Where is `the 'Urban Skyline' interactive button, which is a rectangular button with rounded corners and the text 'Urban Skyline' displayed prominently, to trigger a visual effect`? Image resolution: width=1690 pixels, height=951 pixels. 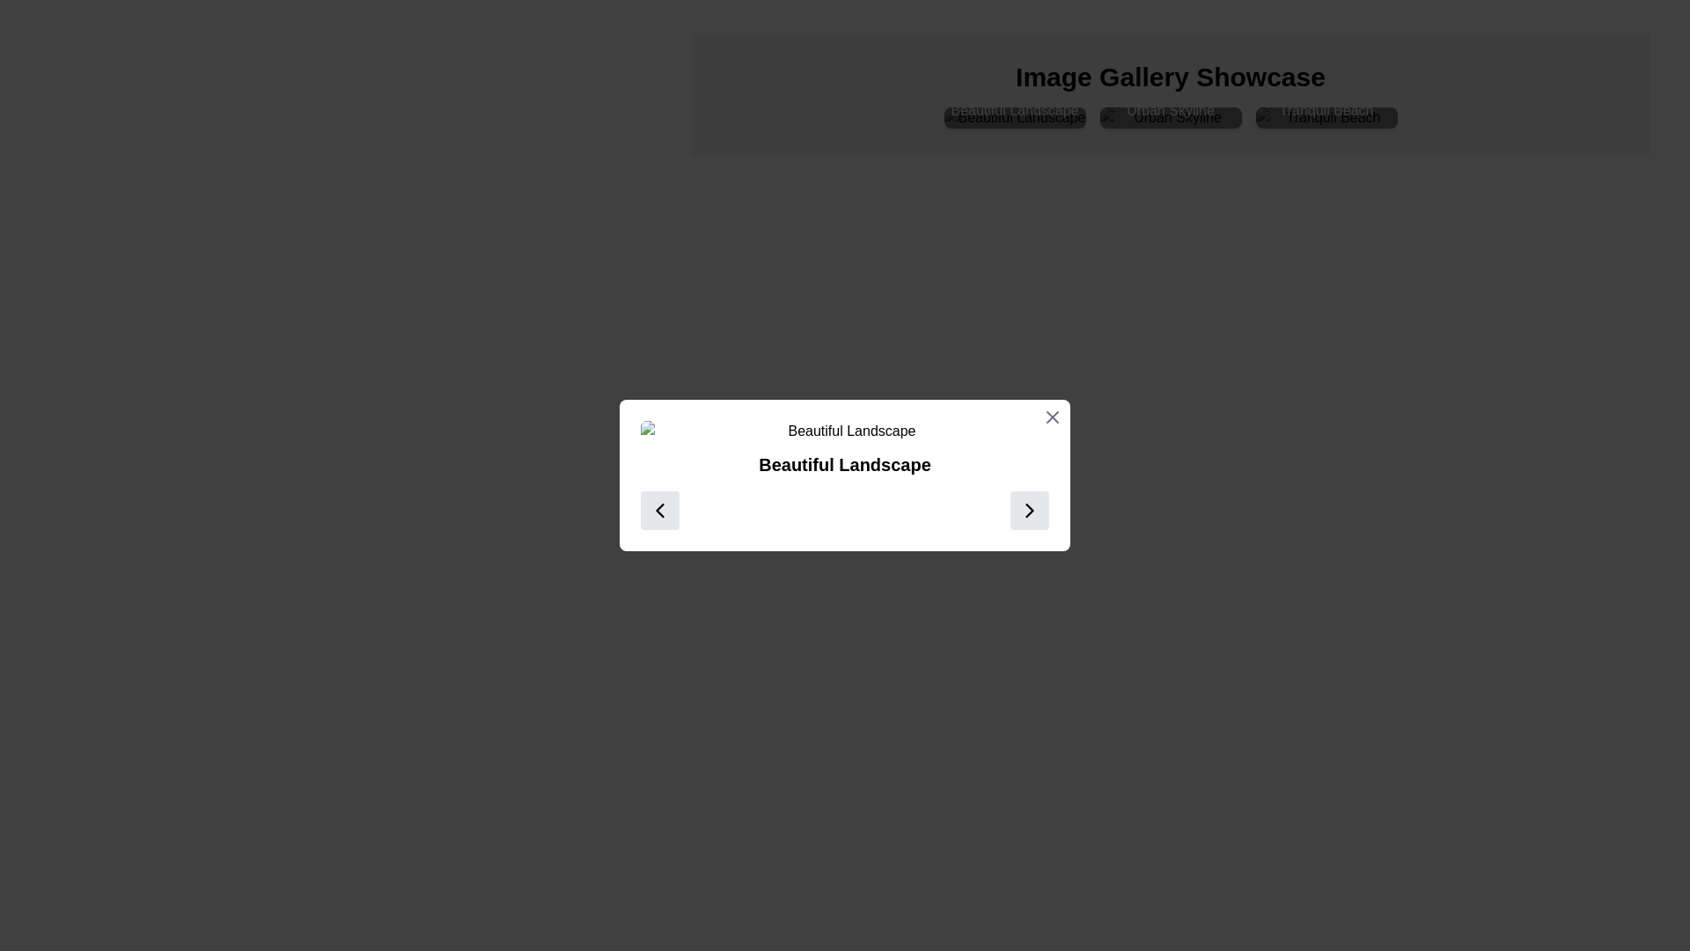
the 'Urban Skyline' interactive button, which is a rectangular button with rounded corners and the text 'Urban Skyline' displayed prominently, to trigger a visual effect is located at coordinates (1170, 118).